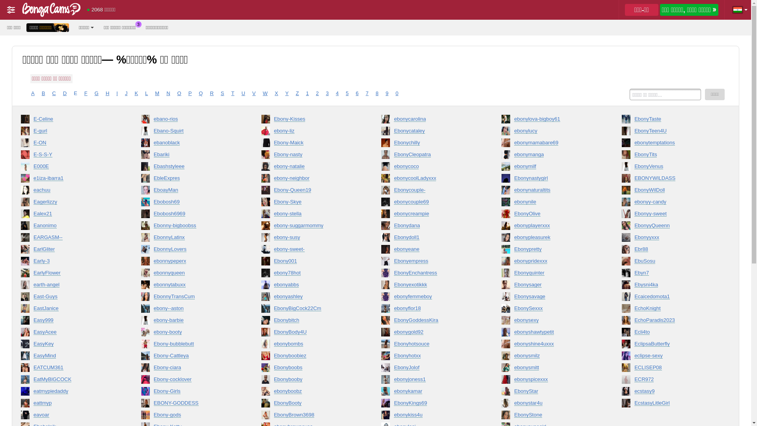  What do you see at coordinates (310, 132) in the screenshot?
I see `'ebony-liz'` at bounding box center [310, 132].